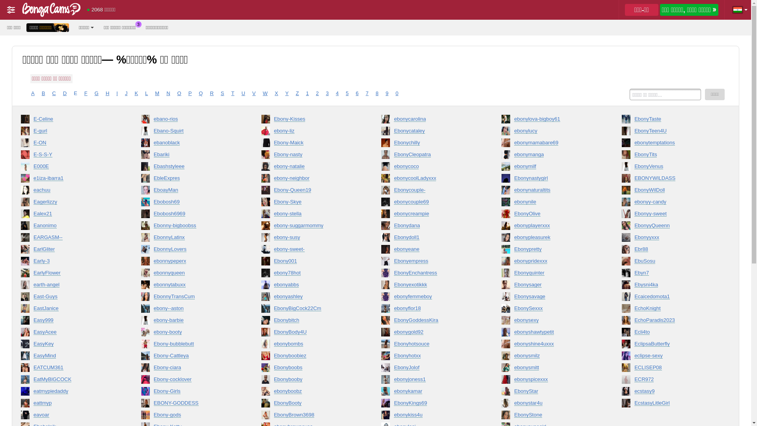  What do you see at coordinates (310, 132) in the screenshot?
I see `'ebony-liz'` at bounding box center [310, 132].